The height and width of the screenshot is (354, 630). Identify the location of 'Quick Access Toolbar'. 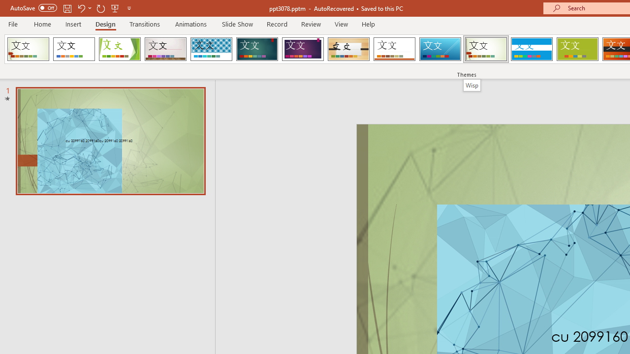
(71, 8).